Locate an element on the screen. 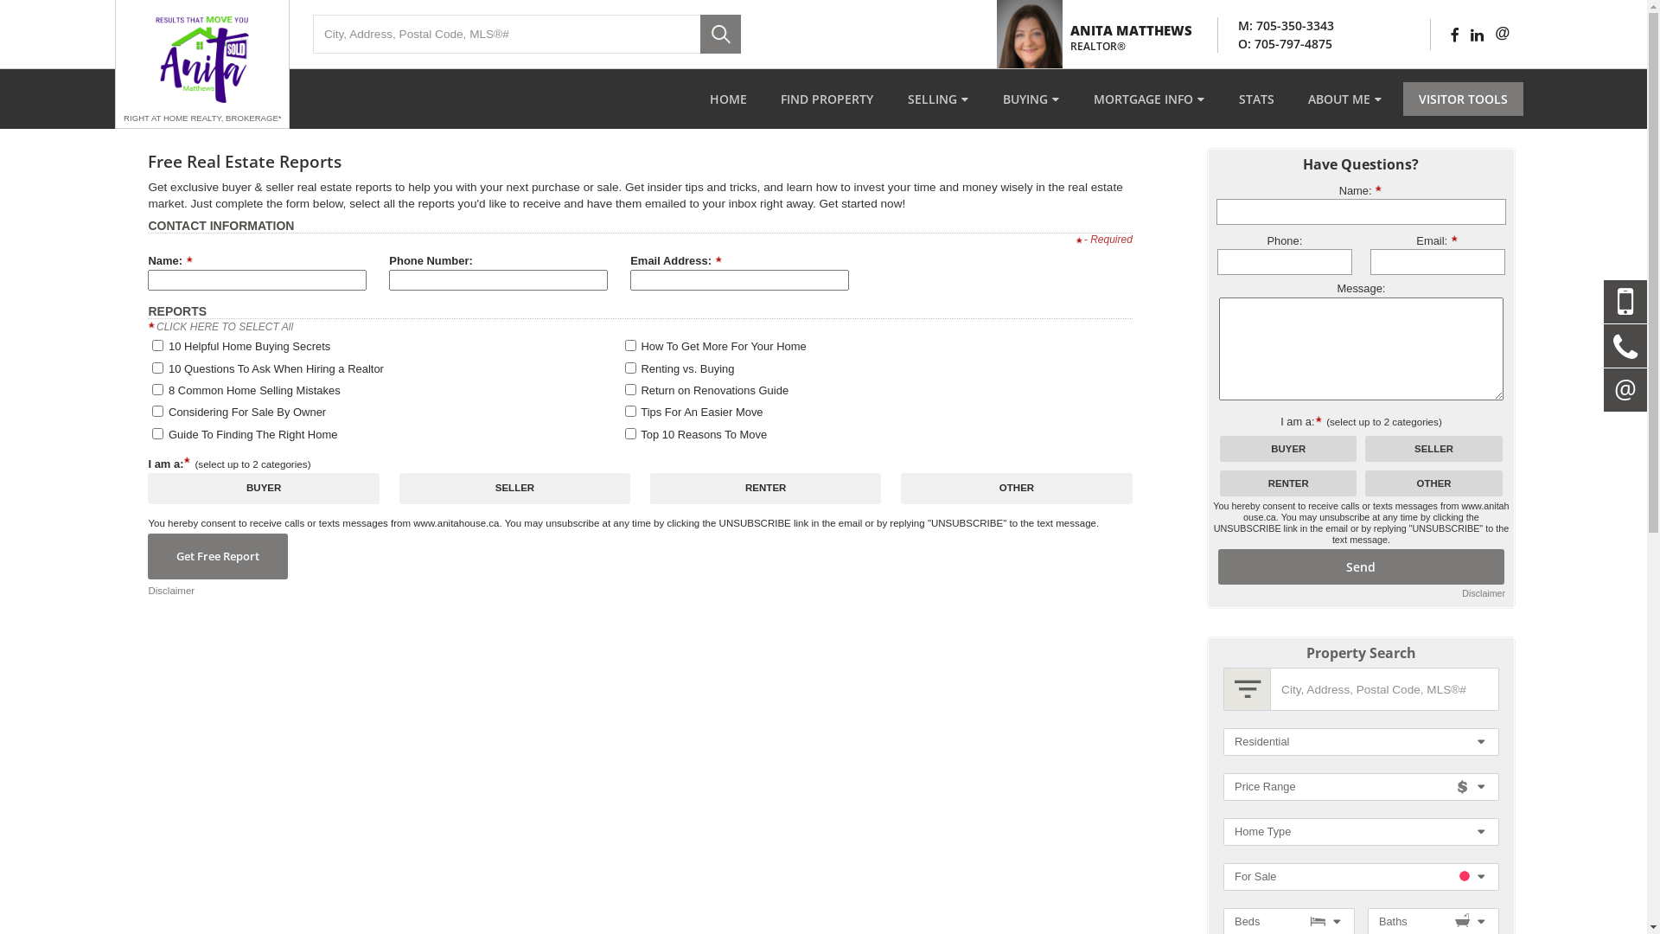 The width and height of the screenshot is (1660, 934). 'CLICK HERE TO SELECT All' is located at coordinates (223, 327).